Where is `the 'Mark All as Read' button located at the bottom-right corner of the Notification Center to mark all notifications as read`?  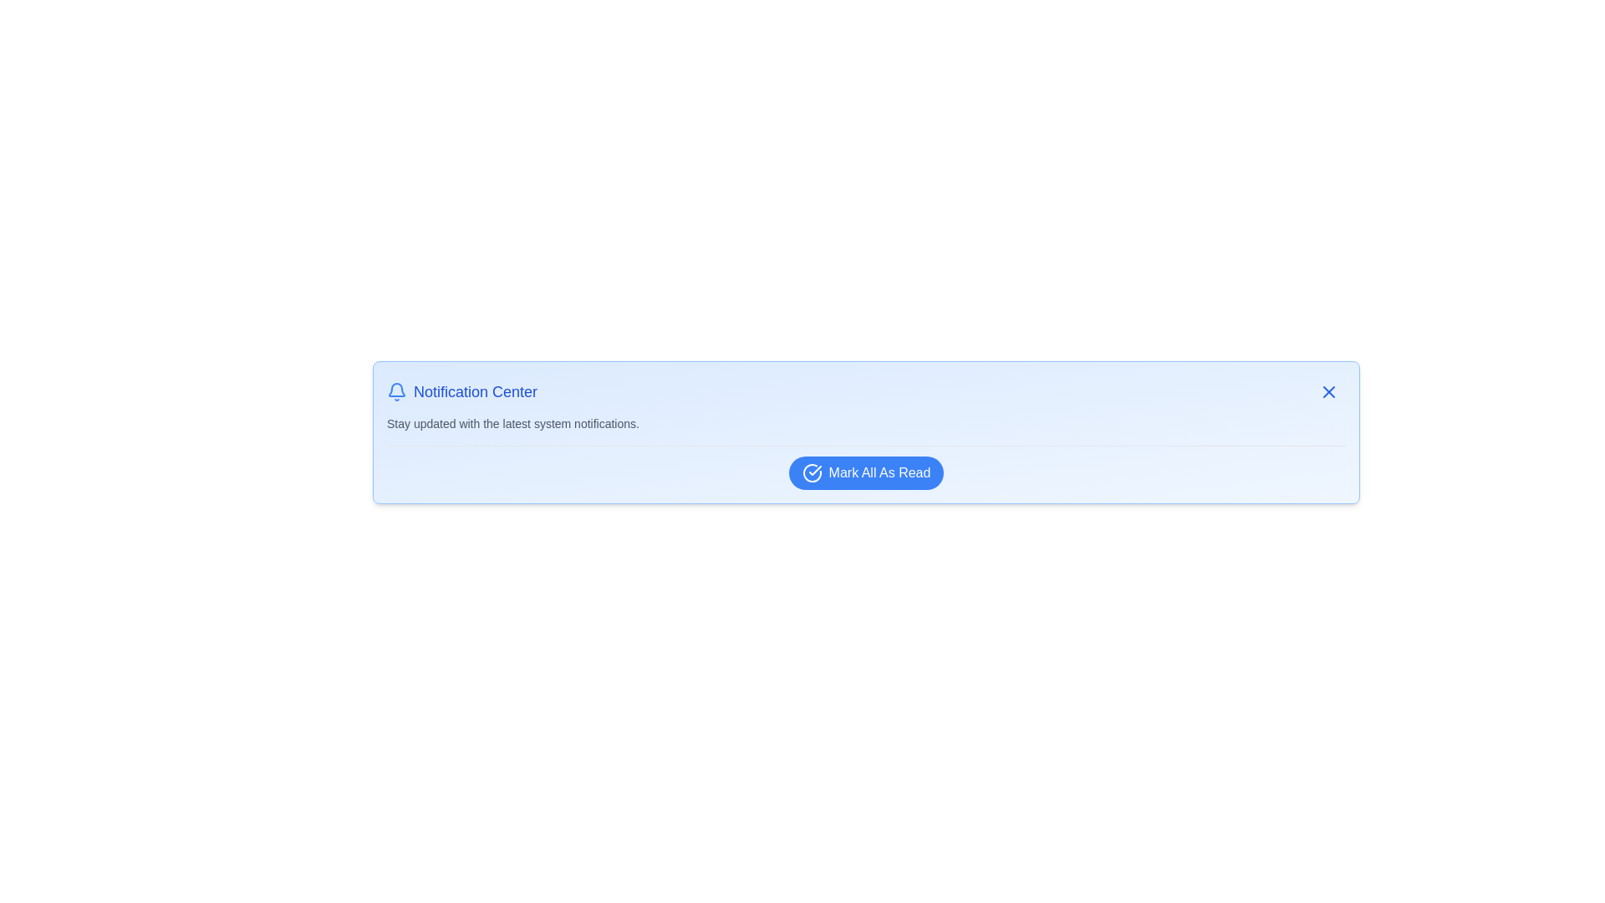 the 'Mark All as Read' button located at the bottom-right corner of the Notification Center to mark all notifications as read is located at coordinates (866, 473).